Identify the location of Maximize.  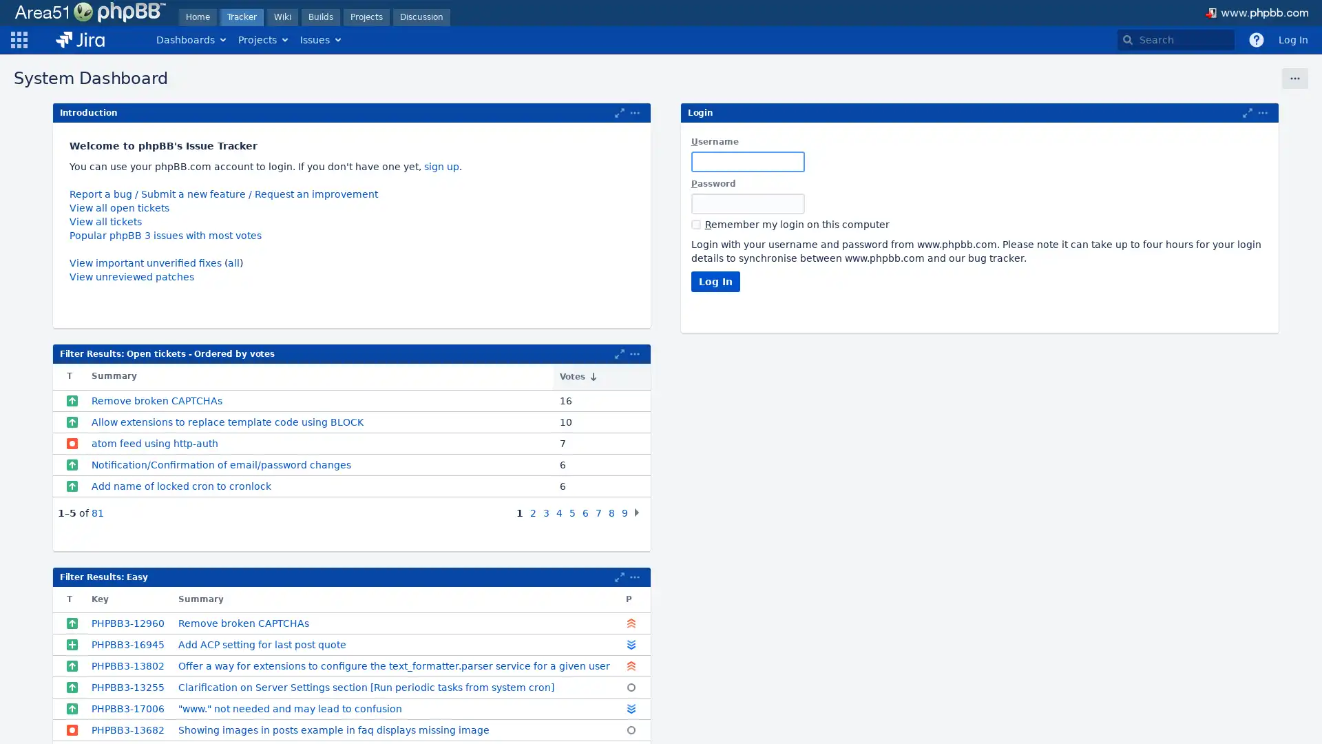
(619, 577).